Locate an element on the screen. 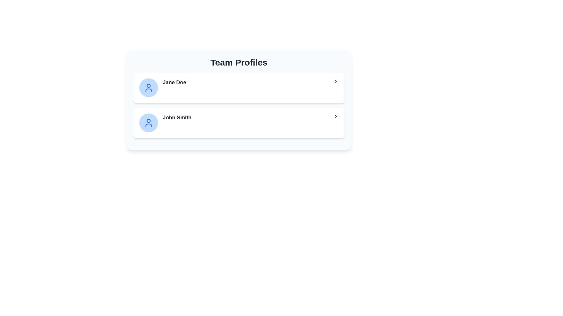  the circular user icon representing the profile of 'Jane Doe', which is located beside the text label in the first section of a two-profile list is located at coordinates (149, 90).